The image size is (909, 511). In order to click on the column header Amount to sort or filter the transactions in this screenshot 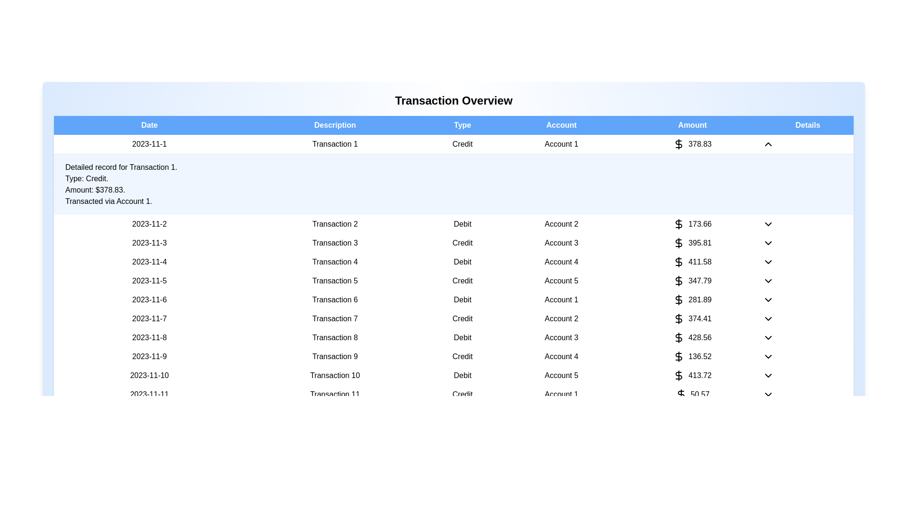, I will do `click(692, 125)`.